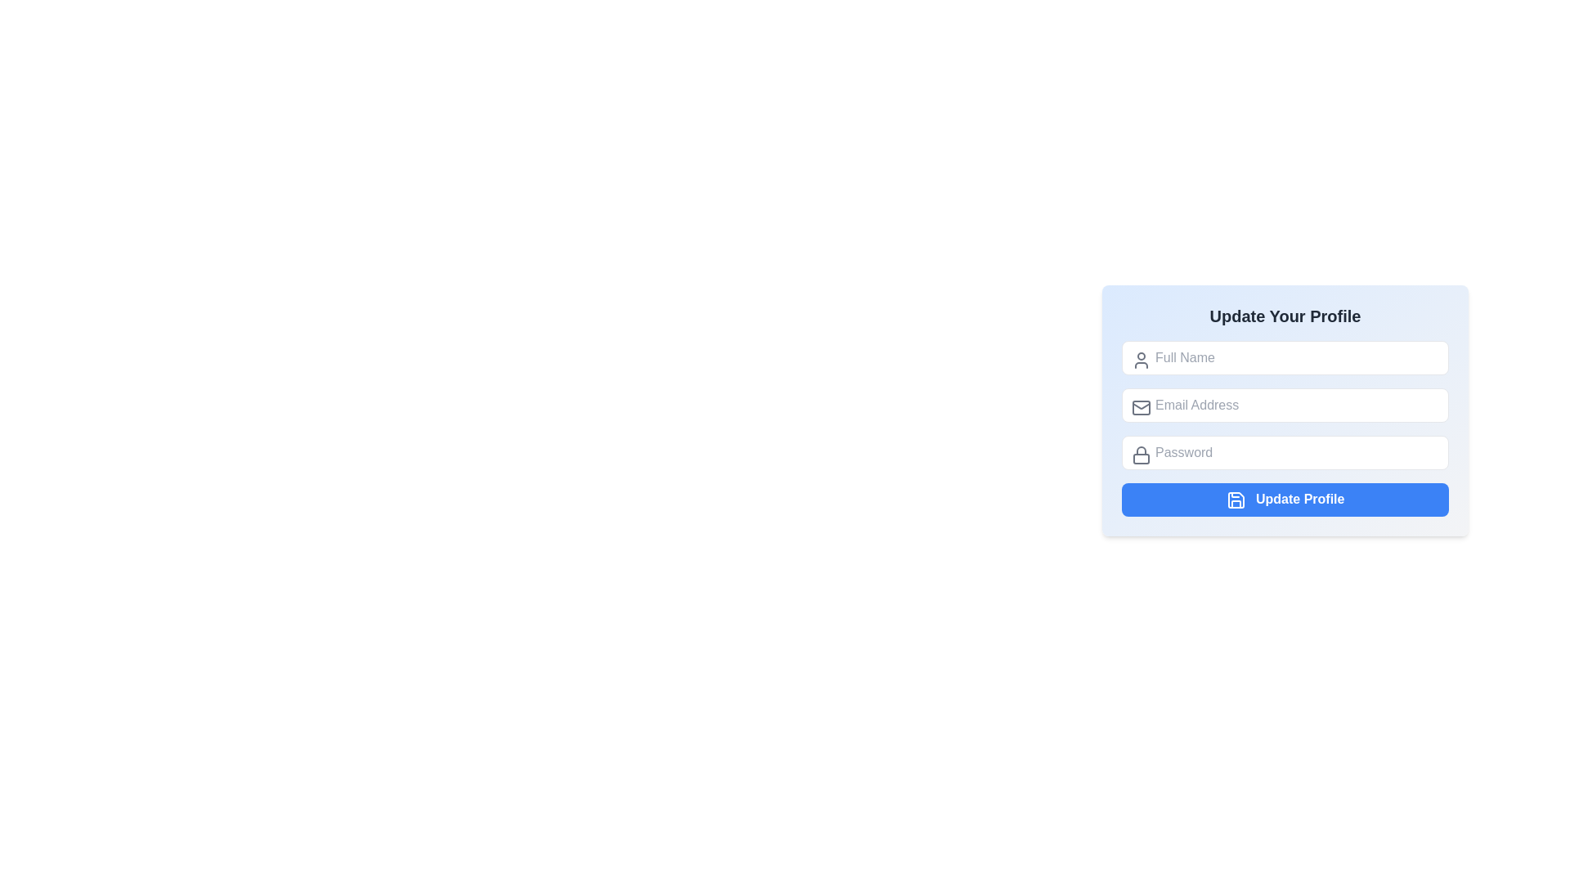 Image resolution: width=1570 pixels, height=883 pixels. I want to click on the envelope icon, which is a rectangular shape with rounded corners, located within the 'Email Address' form field, so click(1141, 406).